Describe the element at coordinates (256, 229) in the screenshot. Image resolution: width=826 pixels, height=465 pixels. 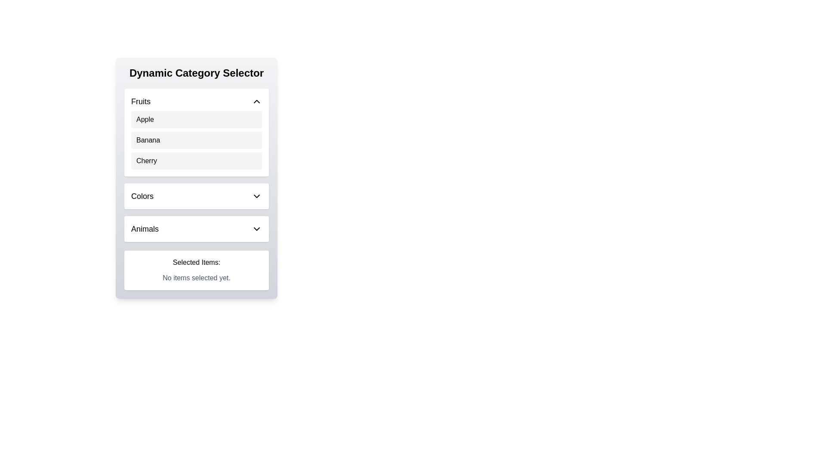
I see `the downward-facing chevron icon next to the 'Animals' label` at that location.